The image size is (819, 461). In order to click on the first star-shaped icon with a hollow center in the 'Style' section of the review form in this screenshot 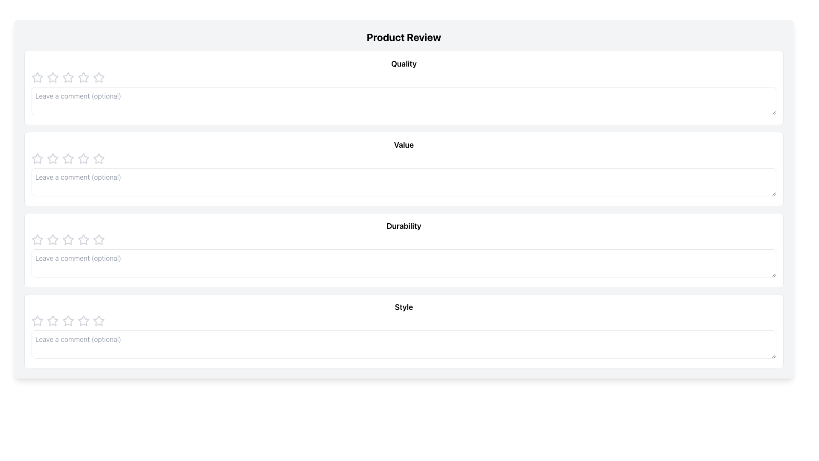, I will do `click(52, 321)`.